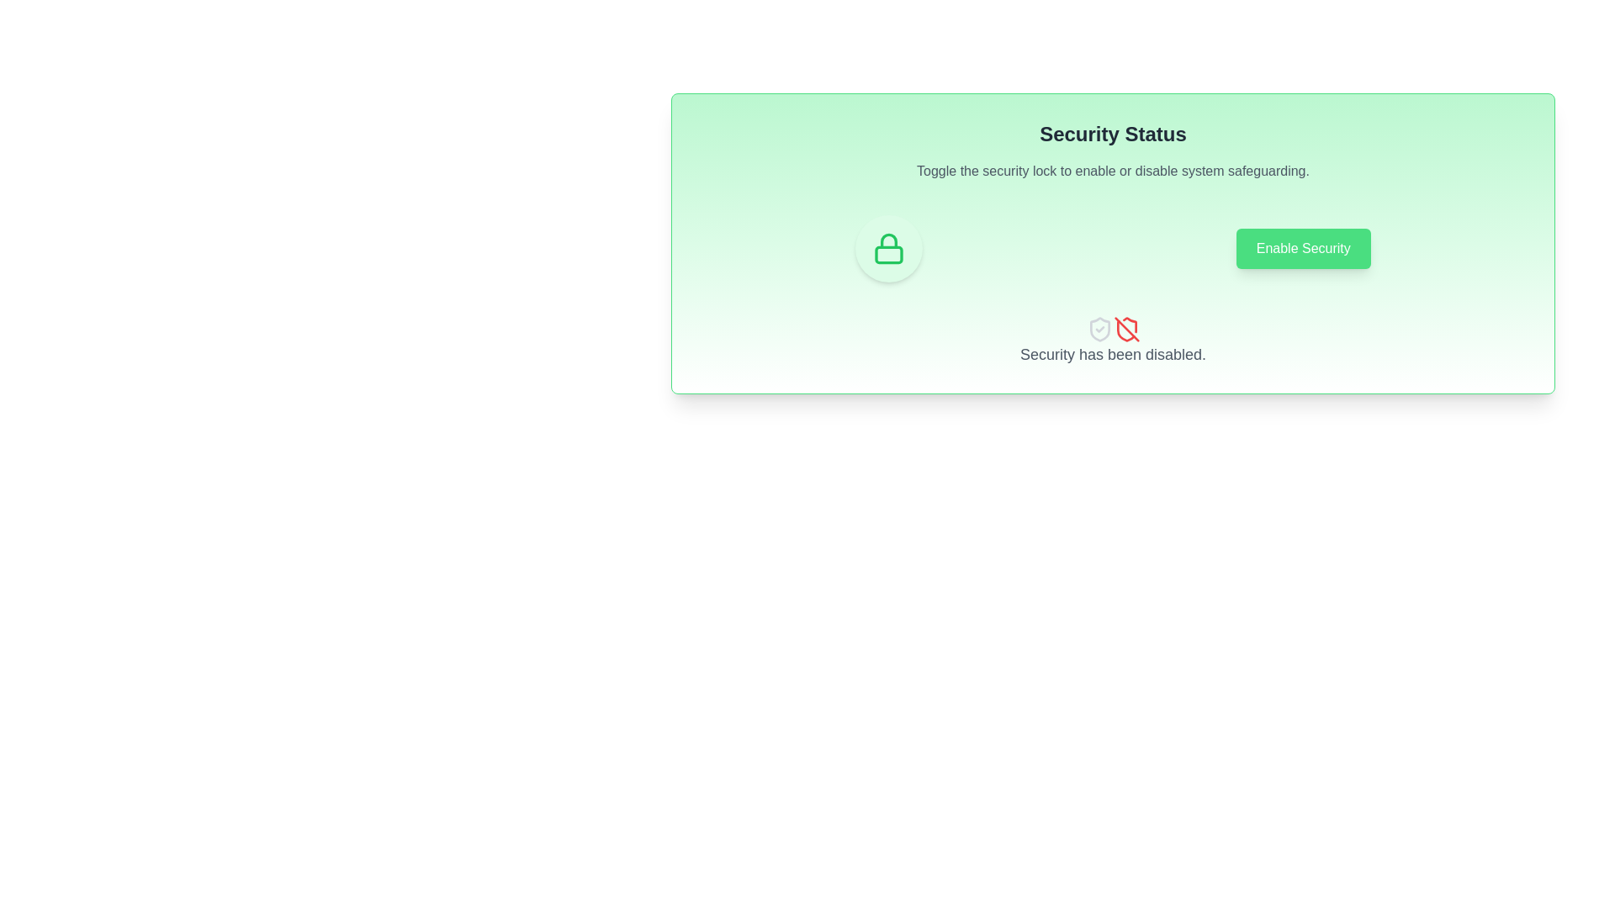 The width and height of the screenshot is (1615, 908). What do you see at coordinates (888, 249) in the screenshot?
I see `the security lock status indicator icon, which is a visual cue located to the left of the 'Enable Security' button, positioned near the upper-center of the green panel` at bounding box center [888, 249].